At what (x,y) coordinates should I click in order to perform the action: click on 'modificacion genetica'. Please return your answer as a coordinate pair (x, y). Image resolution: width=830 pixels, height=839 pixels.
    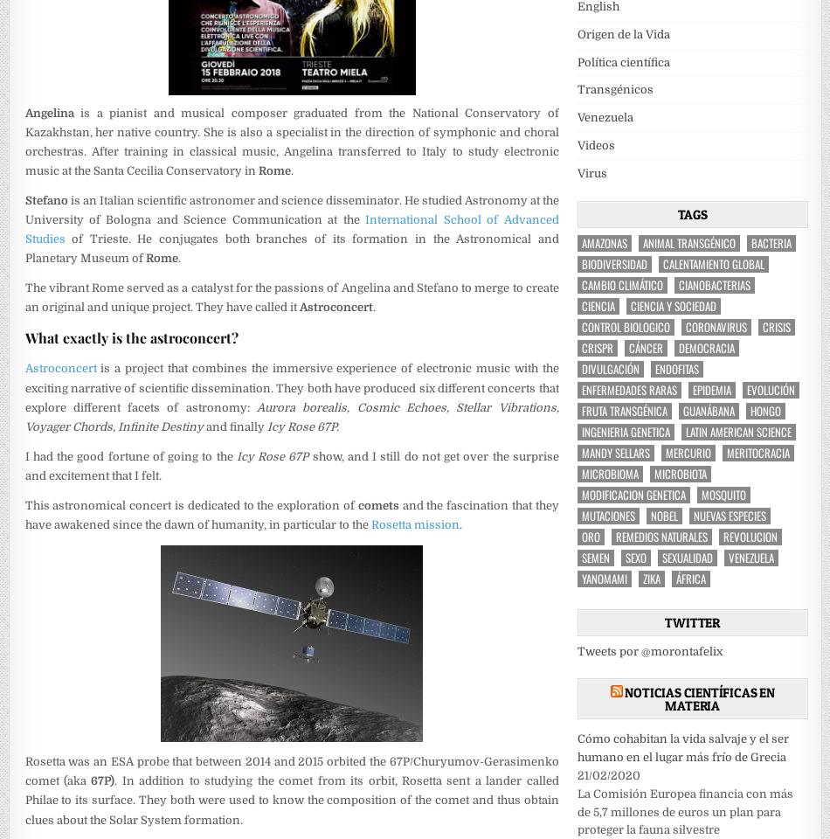
    Looking at the image, I should click on (632, 493).